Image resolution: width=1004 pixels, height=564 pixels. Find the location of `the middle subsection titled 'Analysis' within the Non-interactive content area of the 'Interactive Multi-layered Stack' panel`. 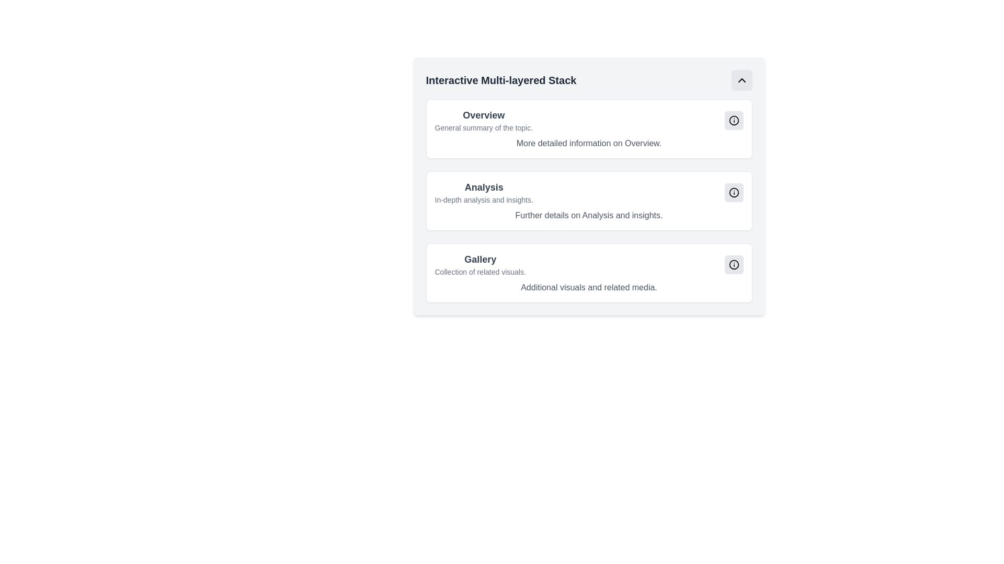

the middle subsection titled 'Analysis' within the Non-interactive content area of the 'Interactive Multi-layered Stack' panel is located at coordinates (589, 186).